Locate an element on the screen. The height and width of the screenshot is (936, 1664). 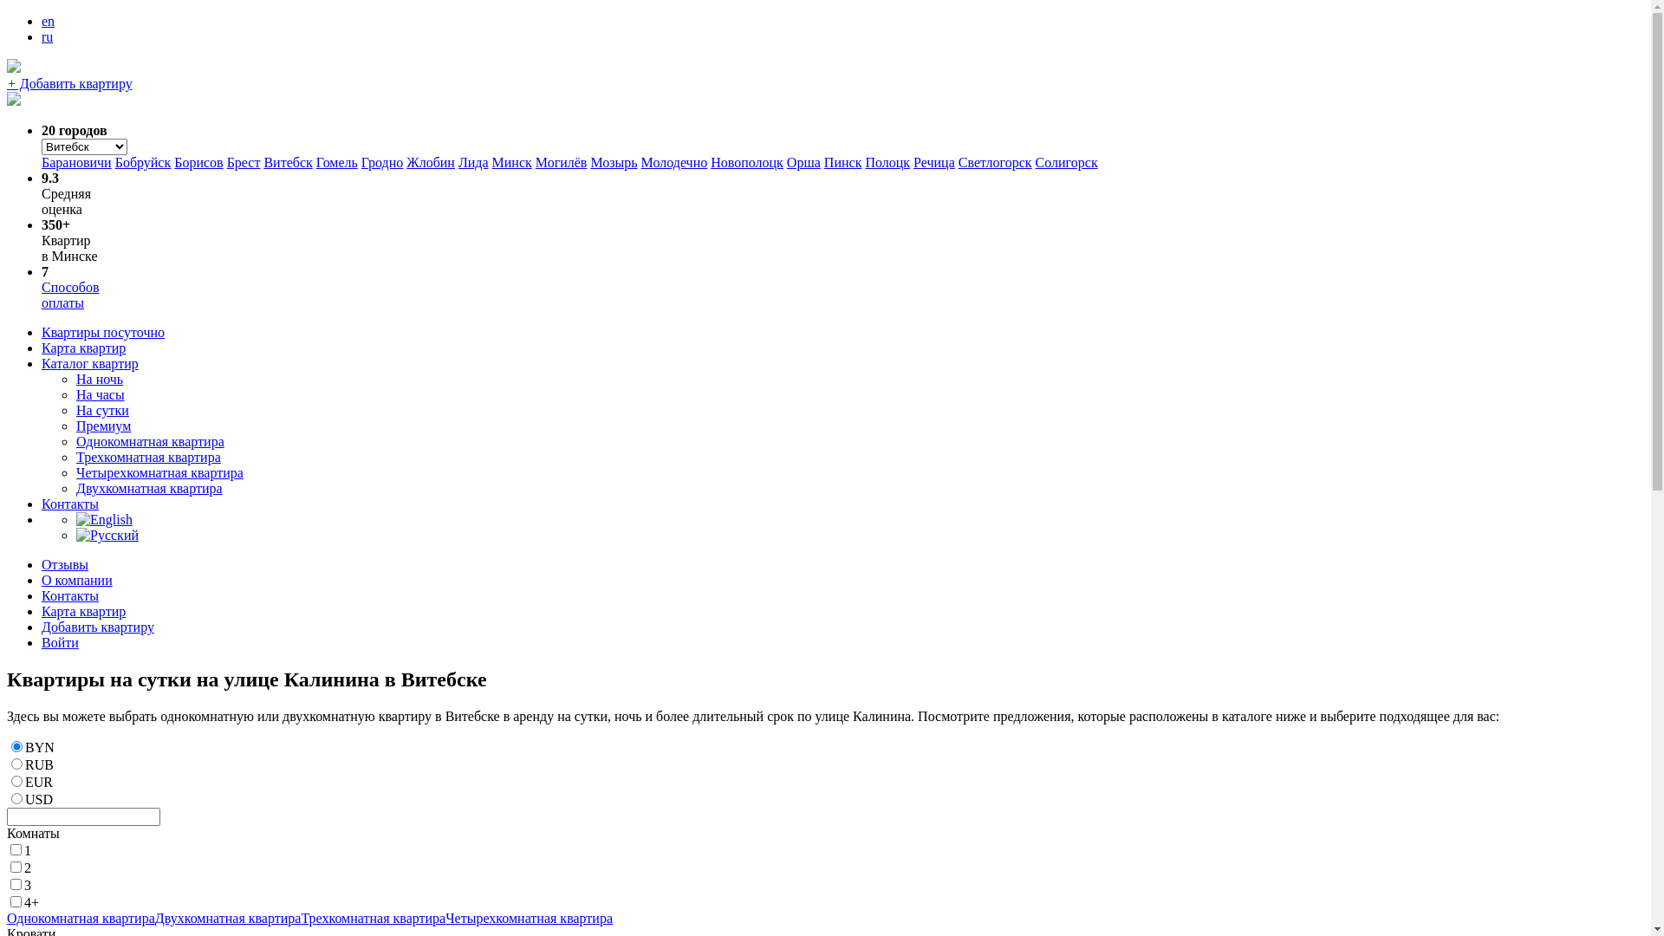
'en' is located at coordinates (48, 21).